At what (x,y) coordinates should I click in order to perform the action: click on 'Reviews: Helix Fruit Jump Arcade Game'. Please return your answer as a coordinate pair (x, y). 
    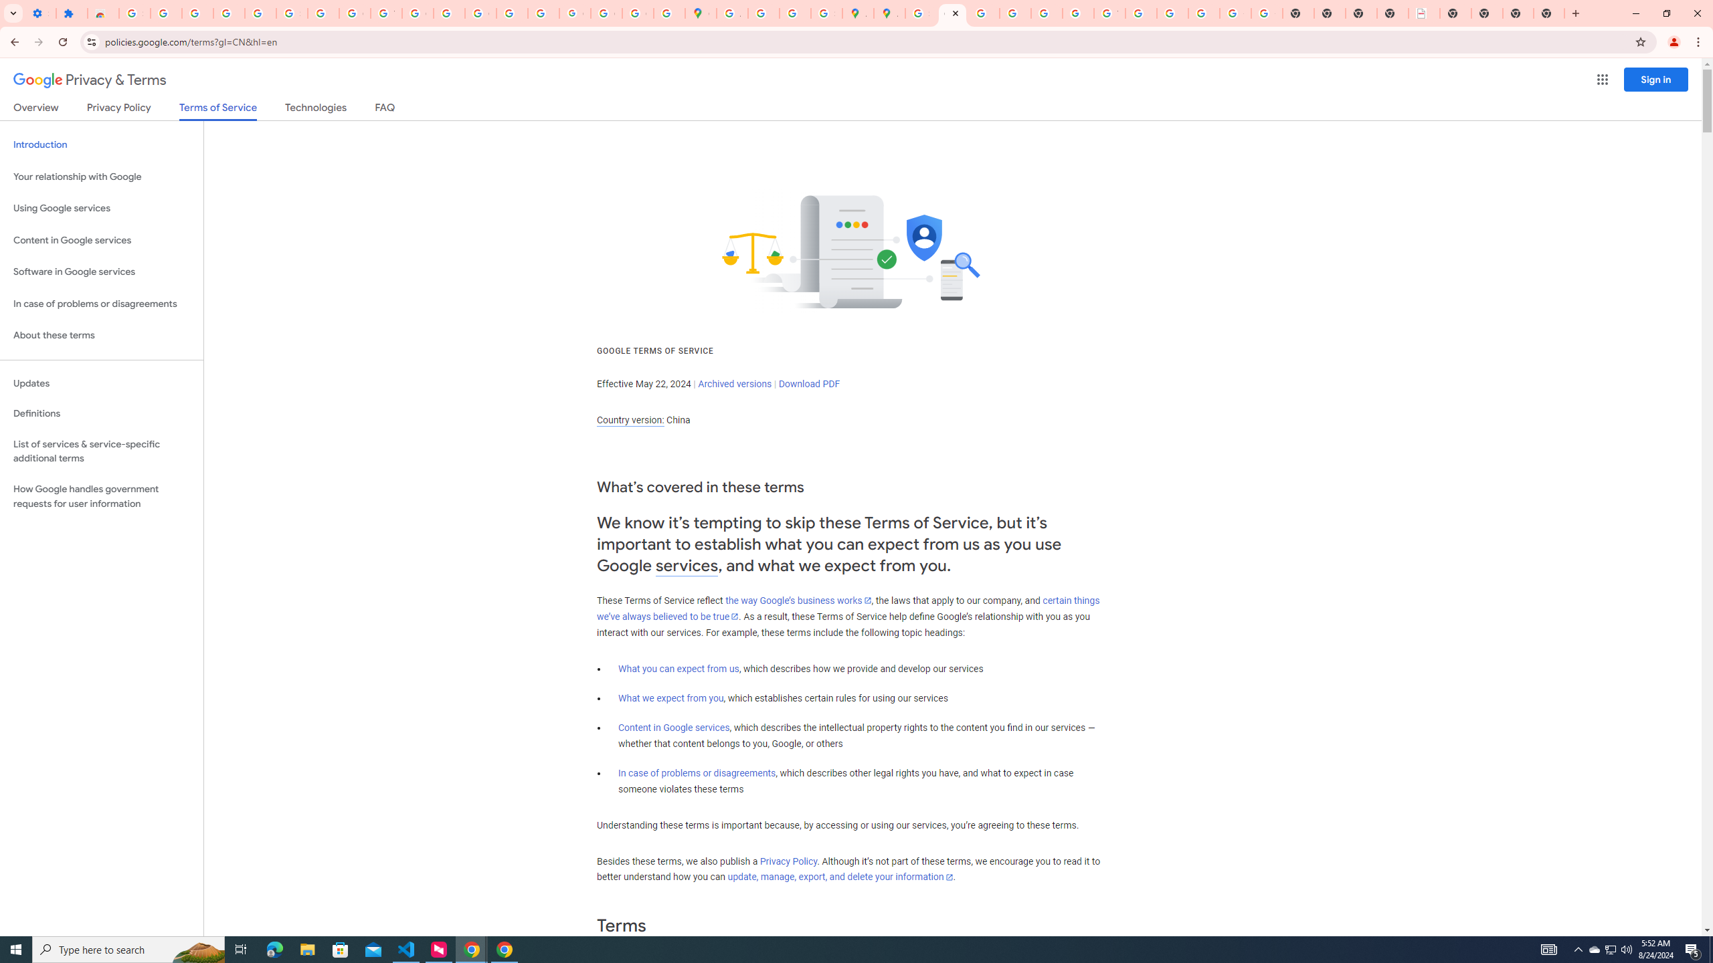
    Looking at the image, I should click on (103, 13).